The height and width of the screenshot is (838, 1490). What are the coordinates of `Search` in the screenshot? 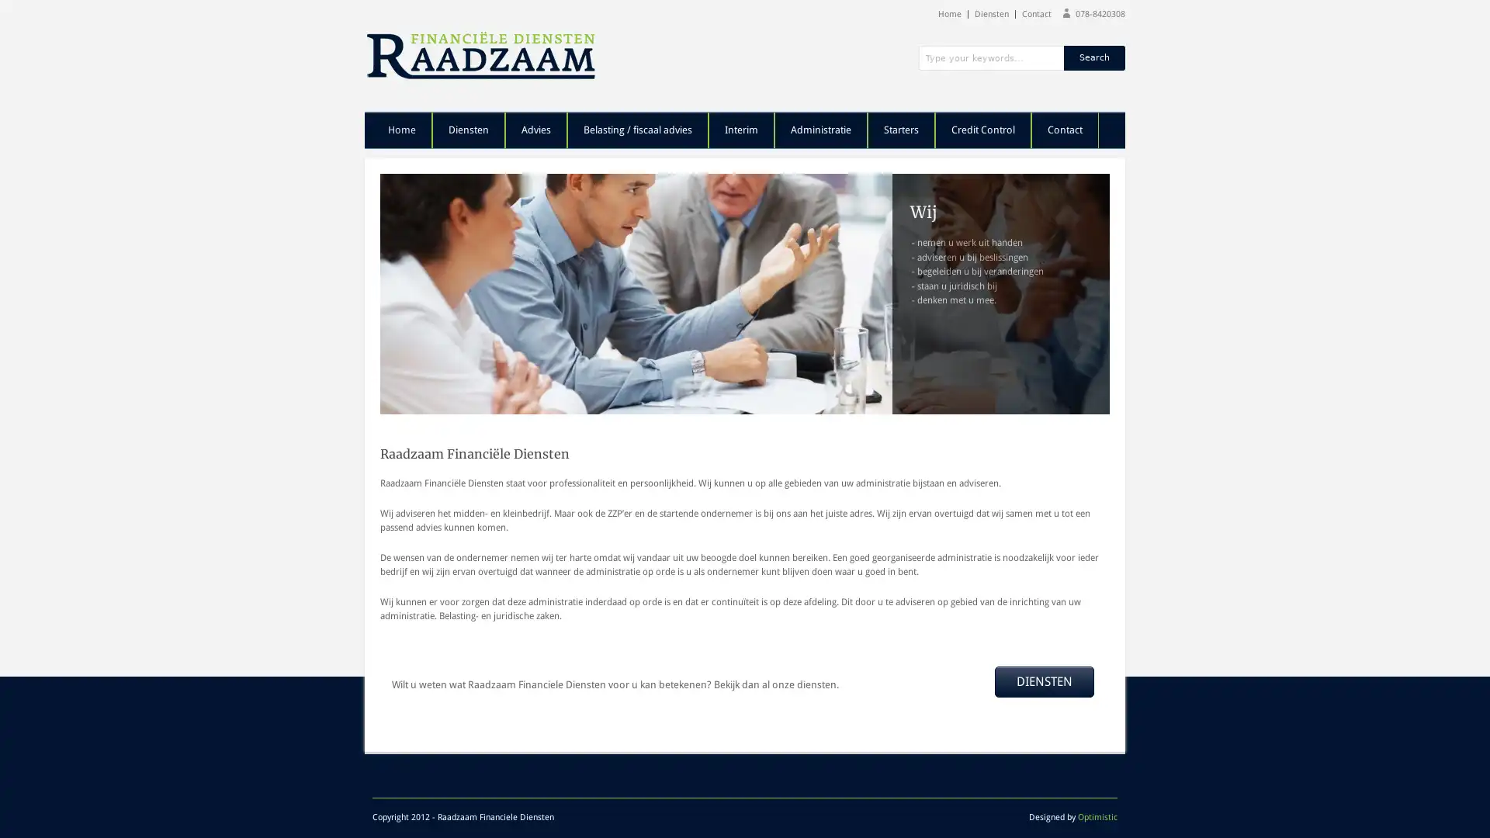 It's located at (1093, 57).